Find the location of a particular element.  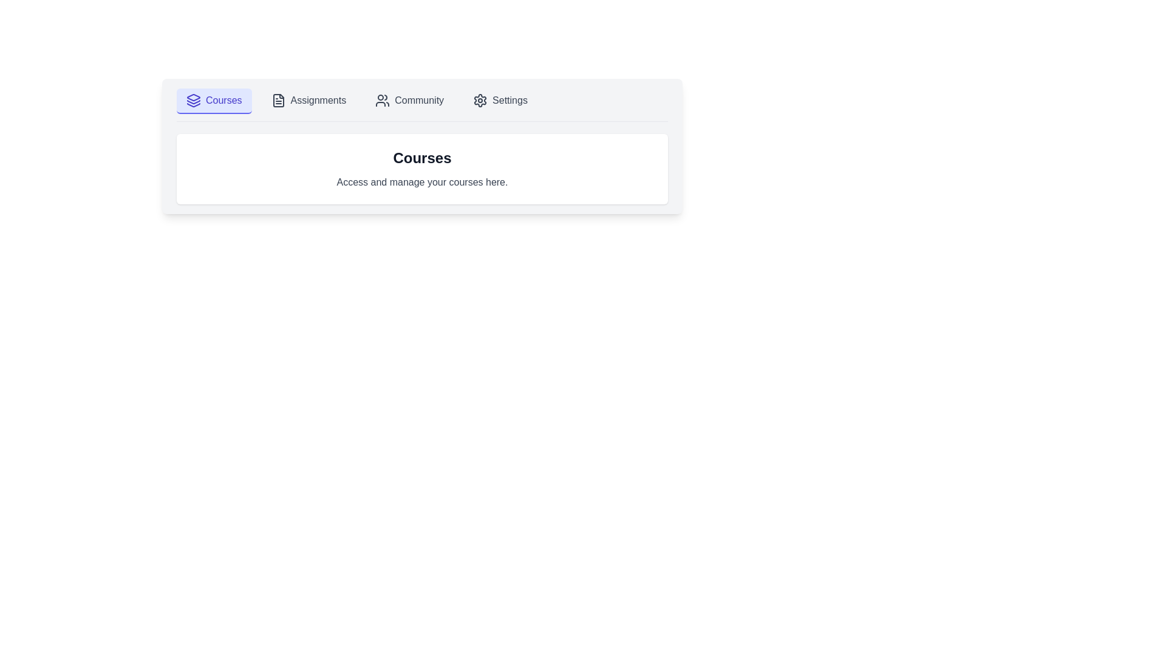

the static text that reads 'Access and manage your courses here.' by moving the cursor to its center point for reading is located at coordinates (422, 182).